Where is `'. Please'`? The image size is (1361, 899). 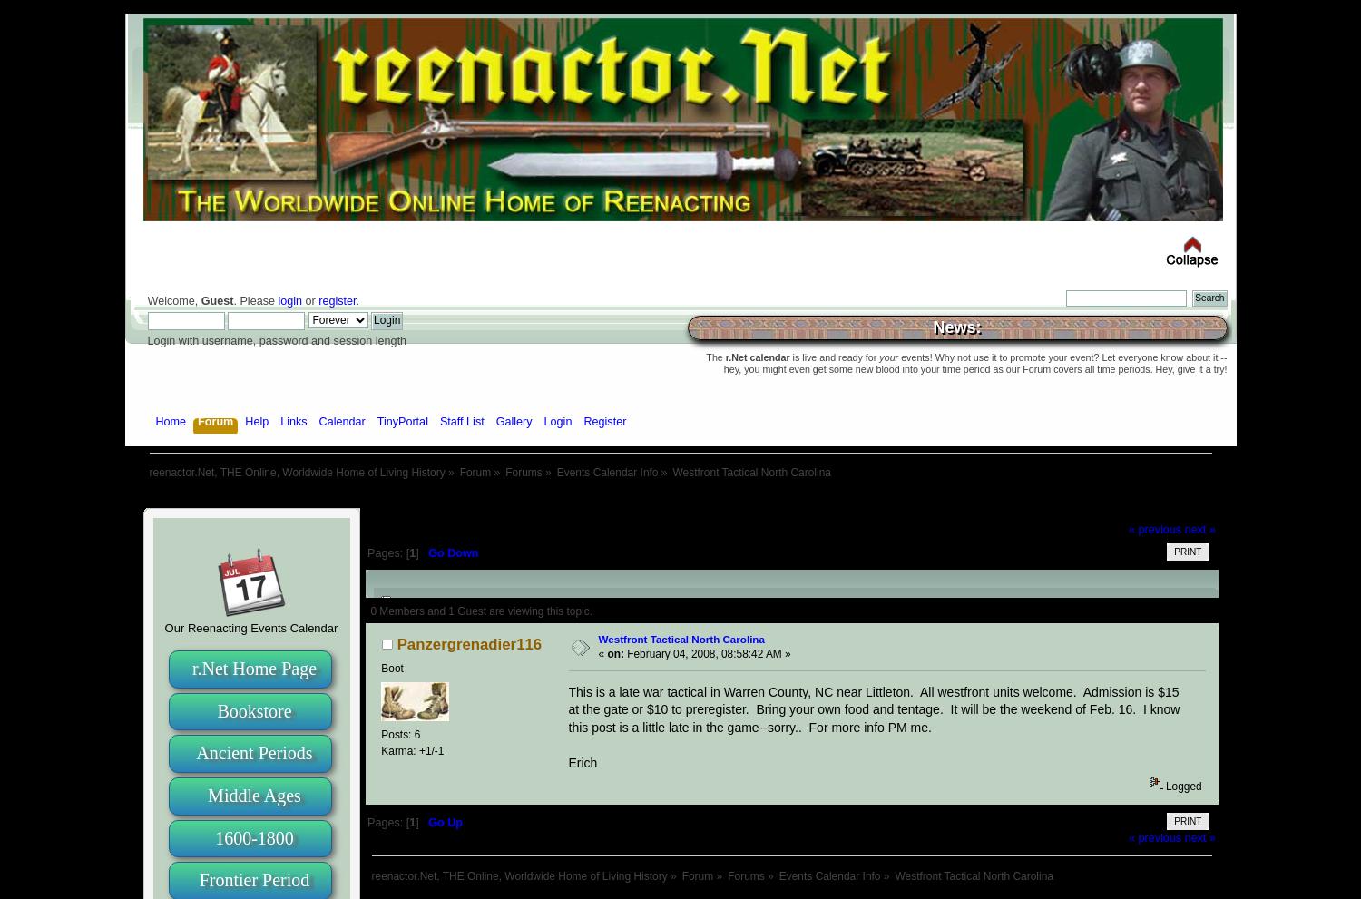 '. Please' is located at coordinates (255, 300).